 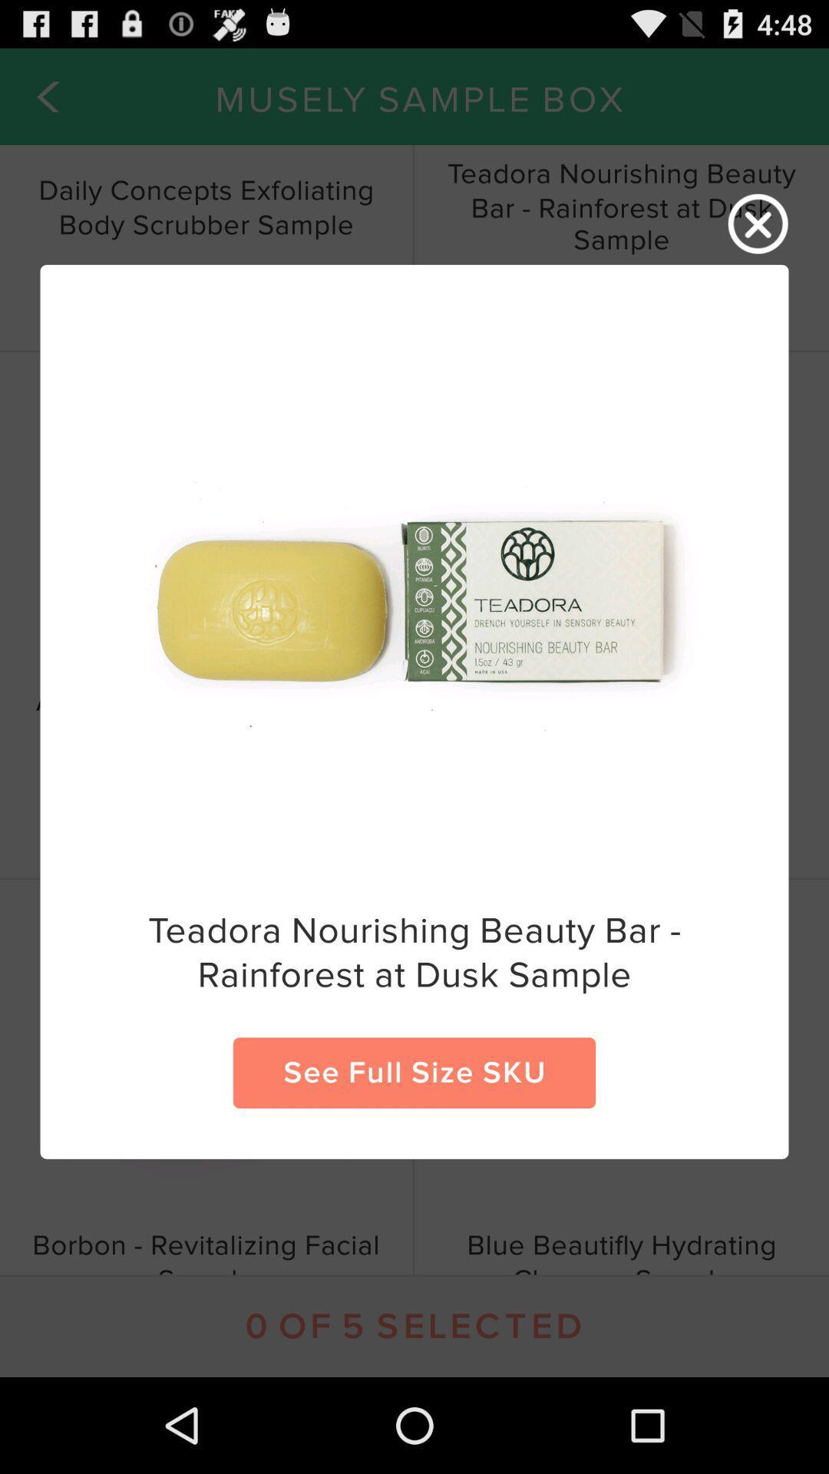 What do you see at coordinates (758, 223) in the screenshot?
I see `the icon at the top right corner` at bounding box center [758, 223].